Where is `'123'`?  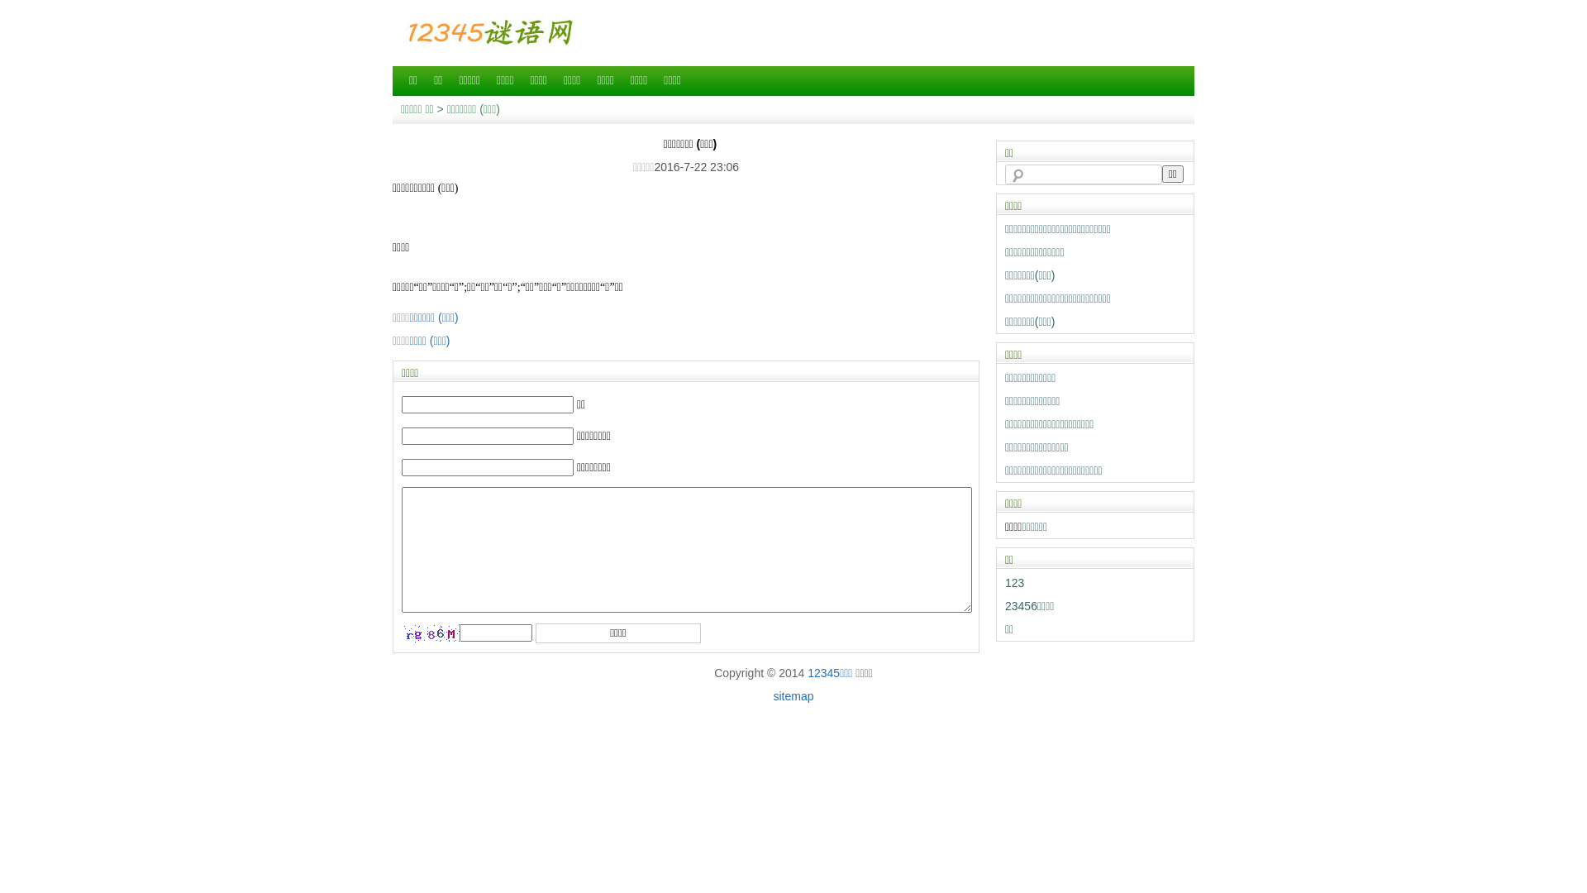 '123' is located at coordinates (1013, 582).